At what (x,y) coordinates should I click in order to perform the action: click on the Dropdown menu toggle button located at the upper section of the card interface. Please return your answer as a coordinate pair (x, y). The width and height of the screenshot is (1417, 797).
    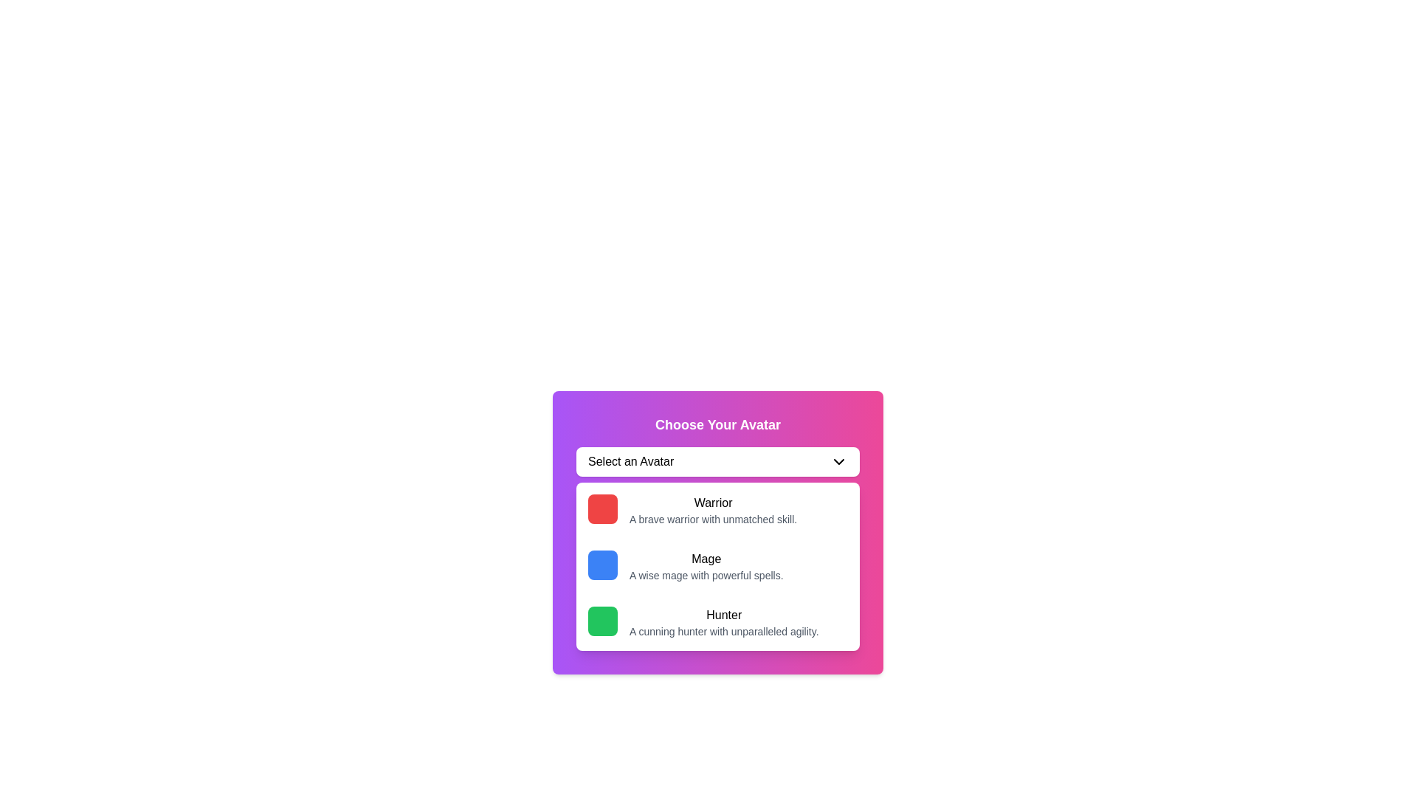
    Looking at the image, I should click on (718, 460).